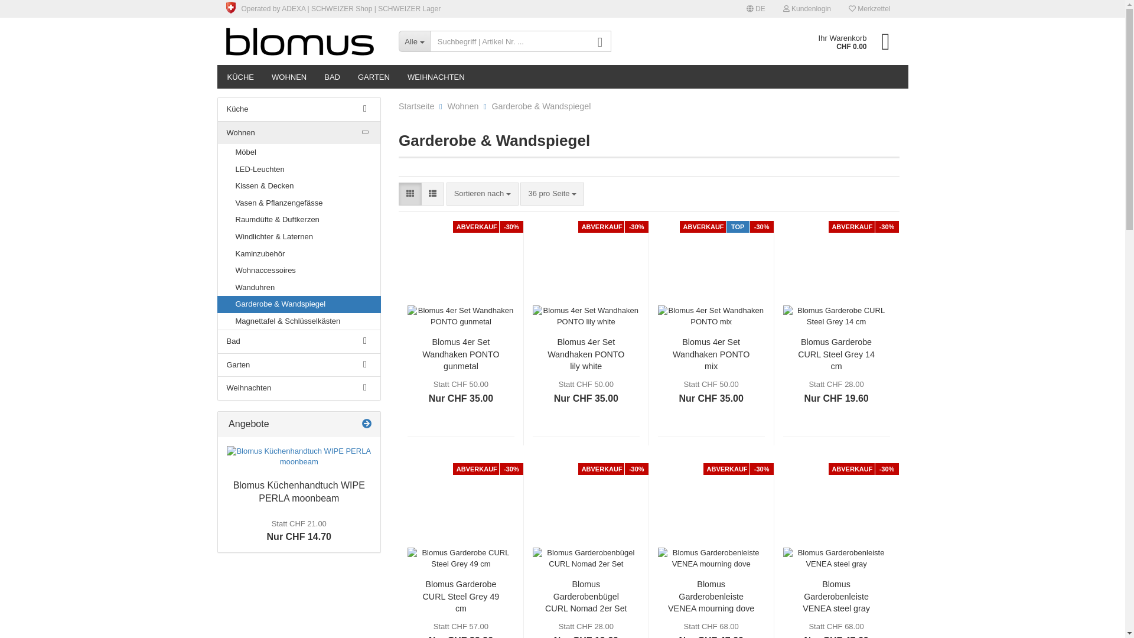 This screenshot has height=638, width=1134. I want to click on 'Blomus 4er Set Wandhaken PONTO gunmetal', so click(460, 353).